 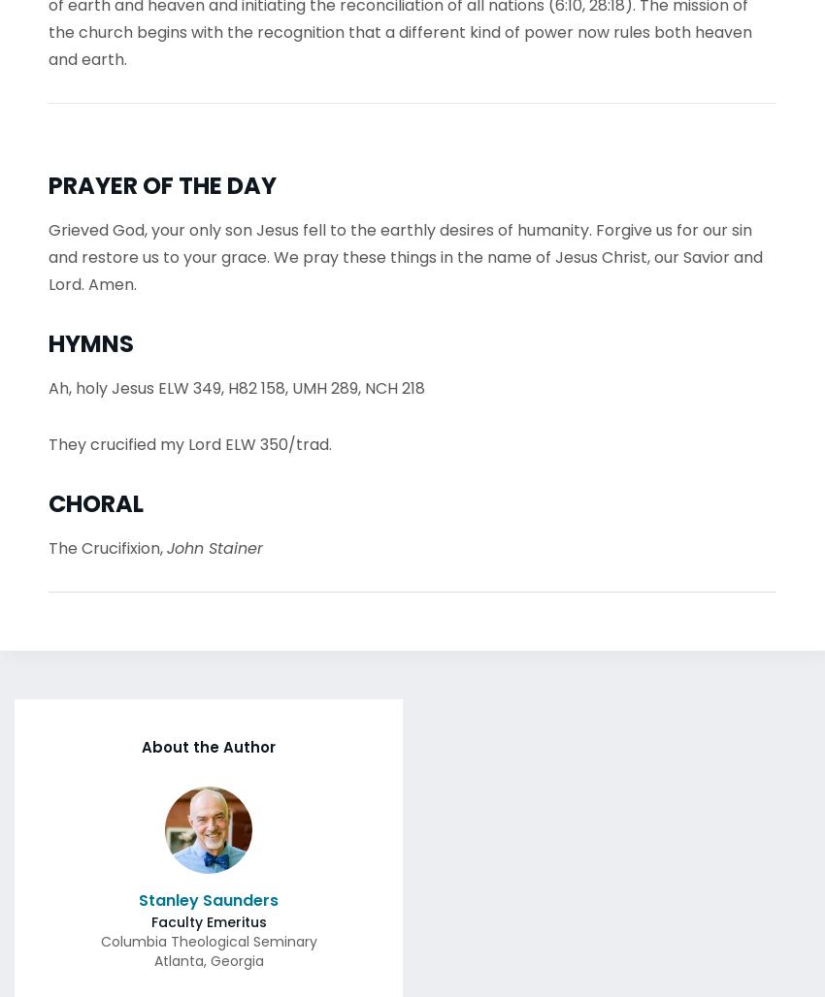 What do you see at coordinates (162, 179) in the screenshot?
I see `'PRAYER OF THE DAY'` at bounding box center [162, 179].